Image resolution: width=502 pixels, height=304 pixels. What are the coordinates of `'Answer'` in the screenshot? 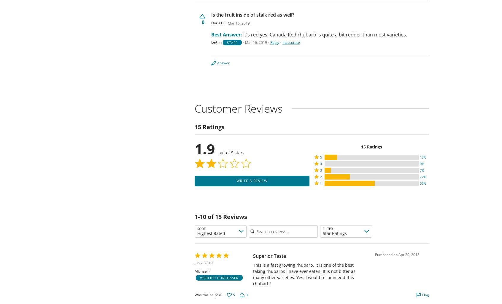 It's located at (223, 63).